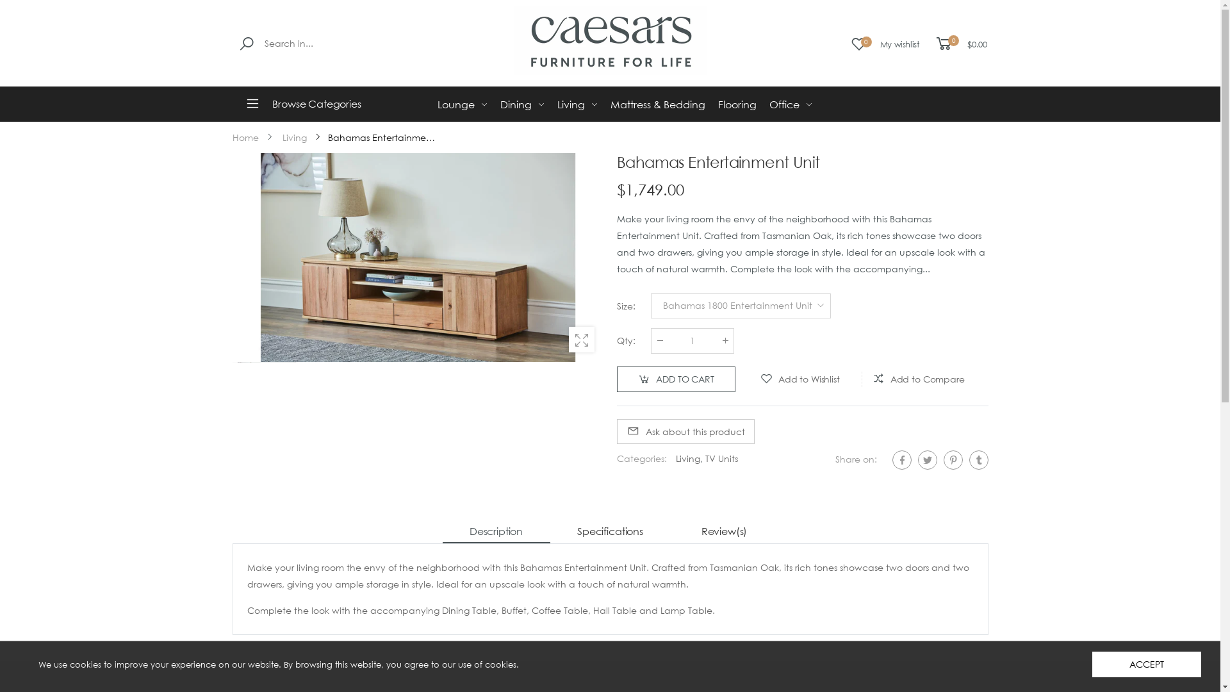  I want to click on 'Description', so click(495, 532).